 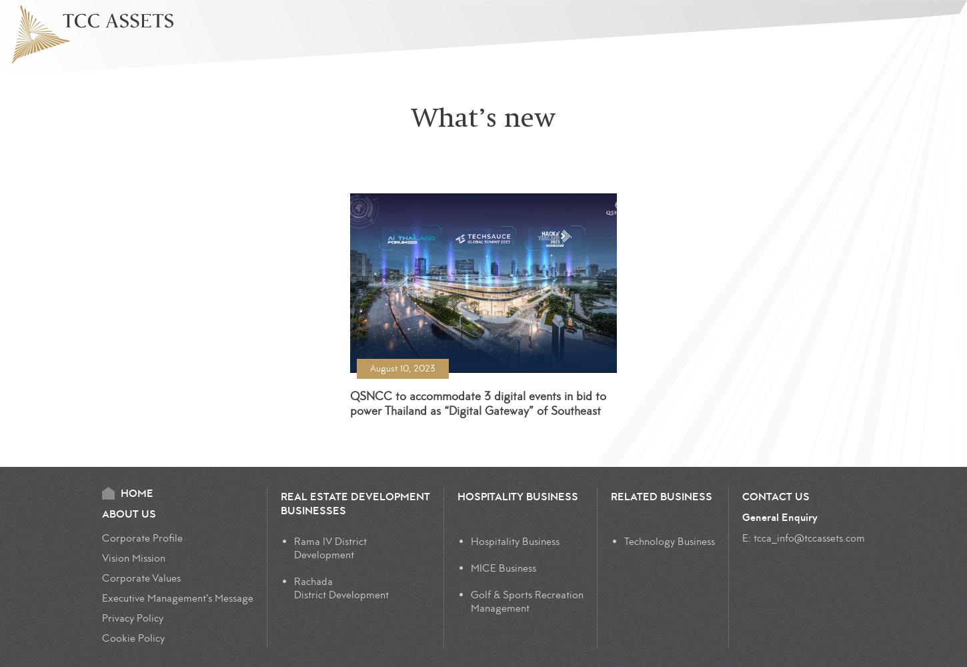 I want to click on 'Rachada', so click(x=312, y=581).